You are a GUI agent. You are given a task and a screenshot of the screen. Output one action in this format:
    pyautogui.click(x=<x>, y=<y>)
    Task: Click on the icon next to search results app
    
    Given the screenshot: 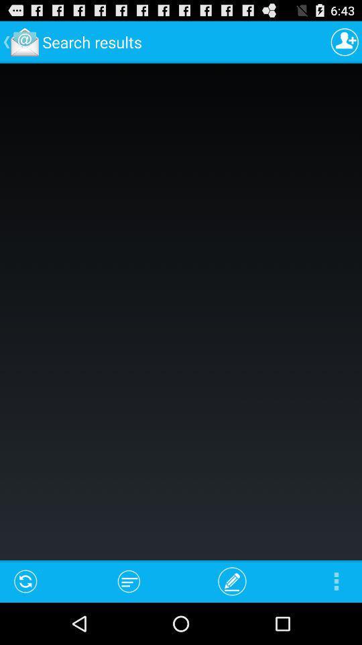 What is the action you would take?
    pyautogui.click(x=345, y=42)
    